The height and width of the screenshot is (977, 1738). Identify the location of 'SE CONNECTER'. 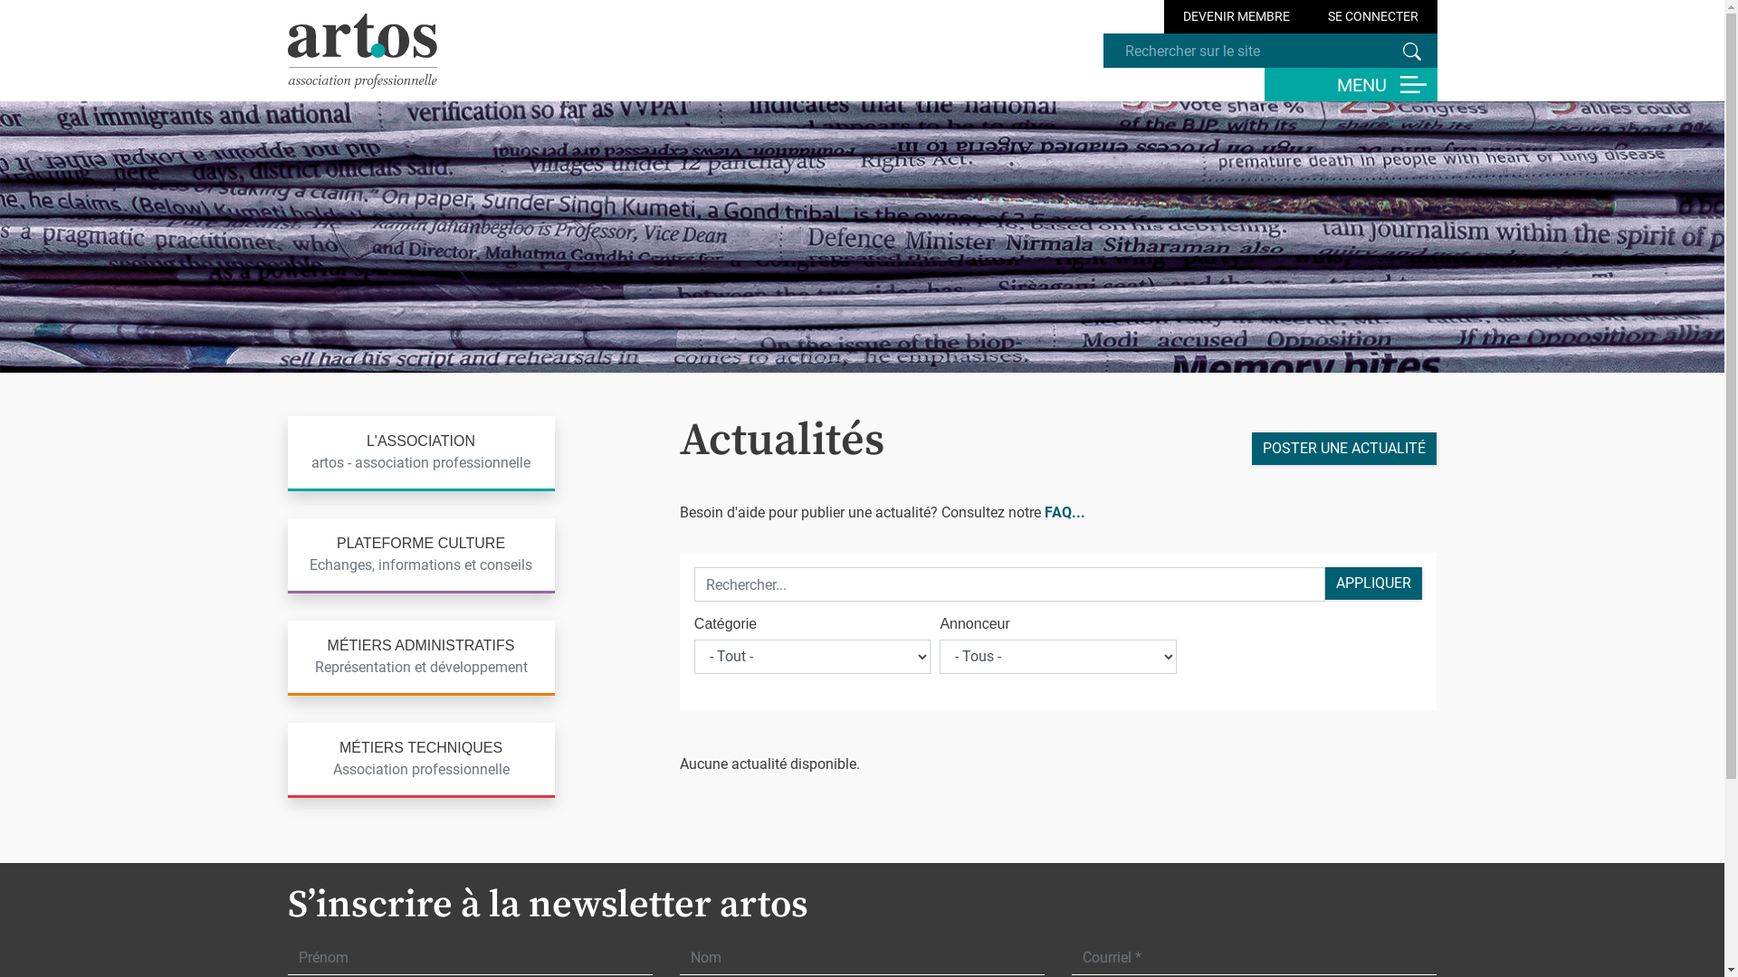
(1372, 16).